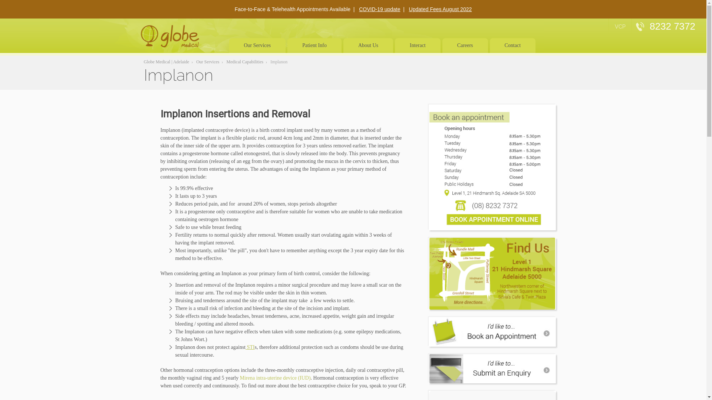 The image size is (712, 400). I want to click on 'STI', so click(250, 347).